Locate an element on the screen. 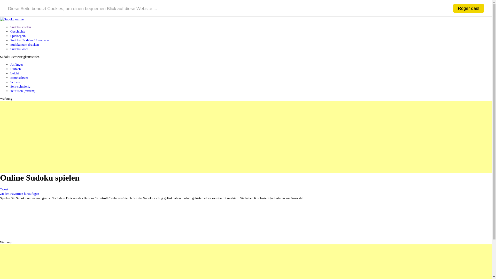 Image resolution: width=496 pixels, height=279 pixels. 'Roger das!' is located at coordinates (469, 8).